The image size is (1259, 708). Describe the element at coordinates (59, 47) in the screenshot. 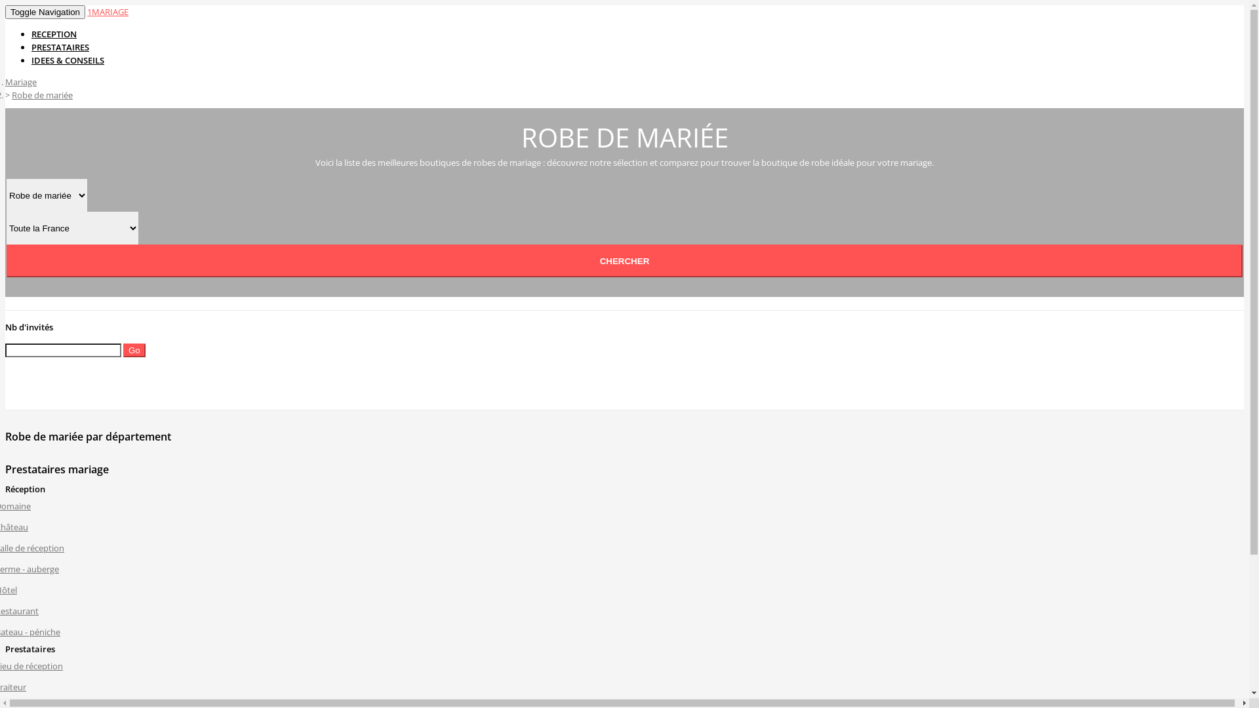

I see `'PRESTATAIRES'` at that location.